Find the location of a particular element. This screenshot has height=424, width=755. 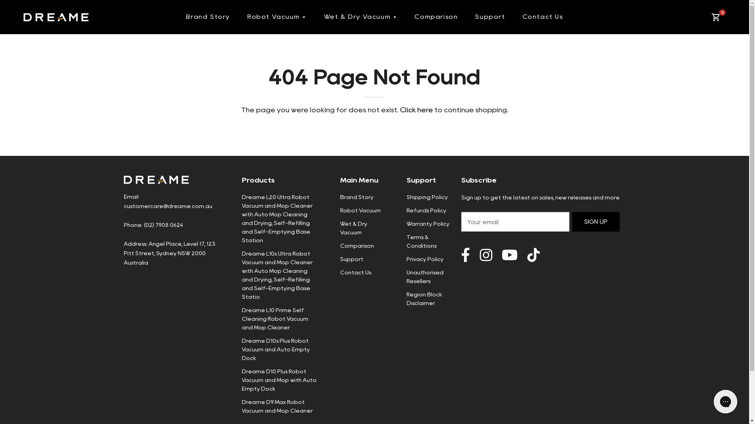

'Refunds Policy' is located at coordinates (426, 210).